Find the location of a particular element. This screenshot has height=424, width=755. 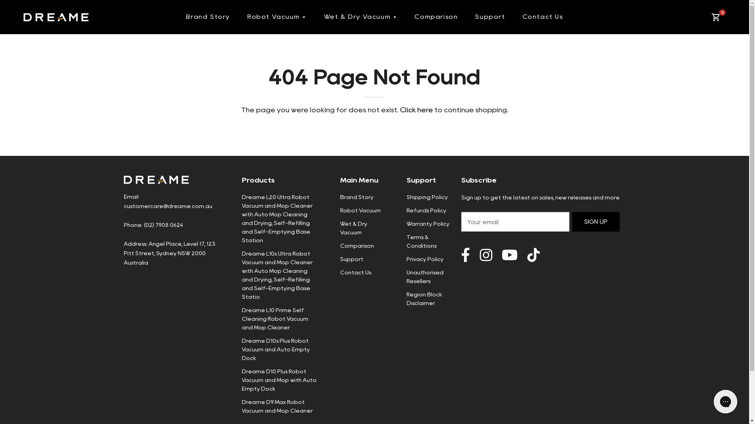

'Refunds Policy' is located at coordinates (426, 210).